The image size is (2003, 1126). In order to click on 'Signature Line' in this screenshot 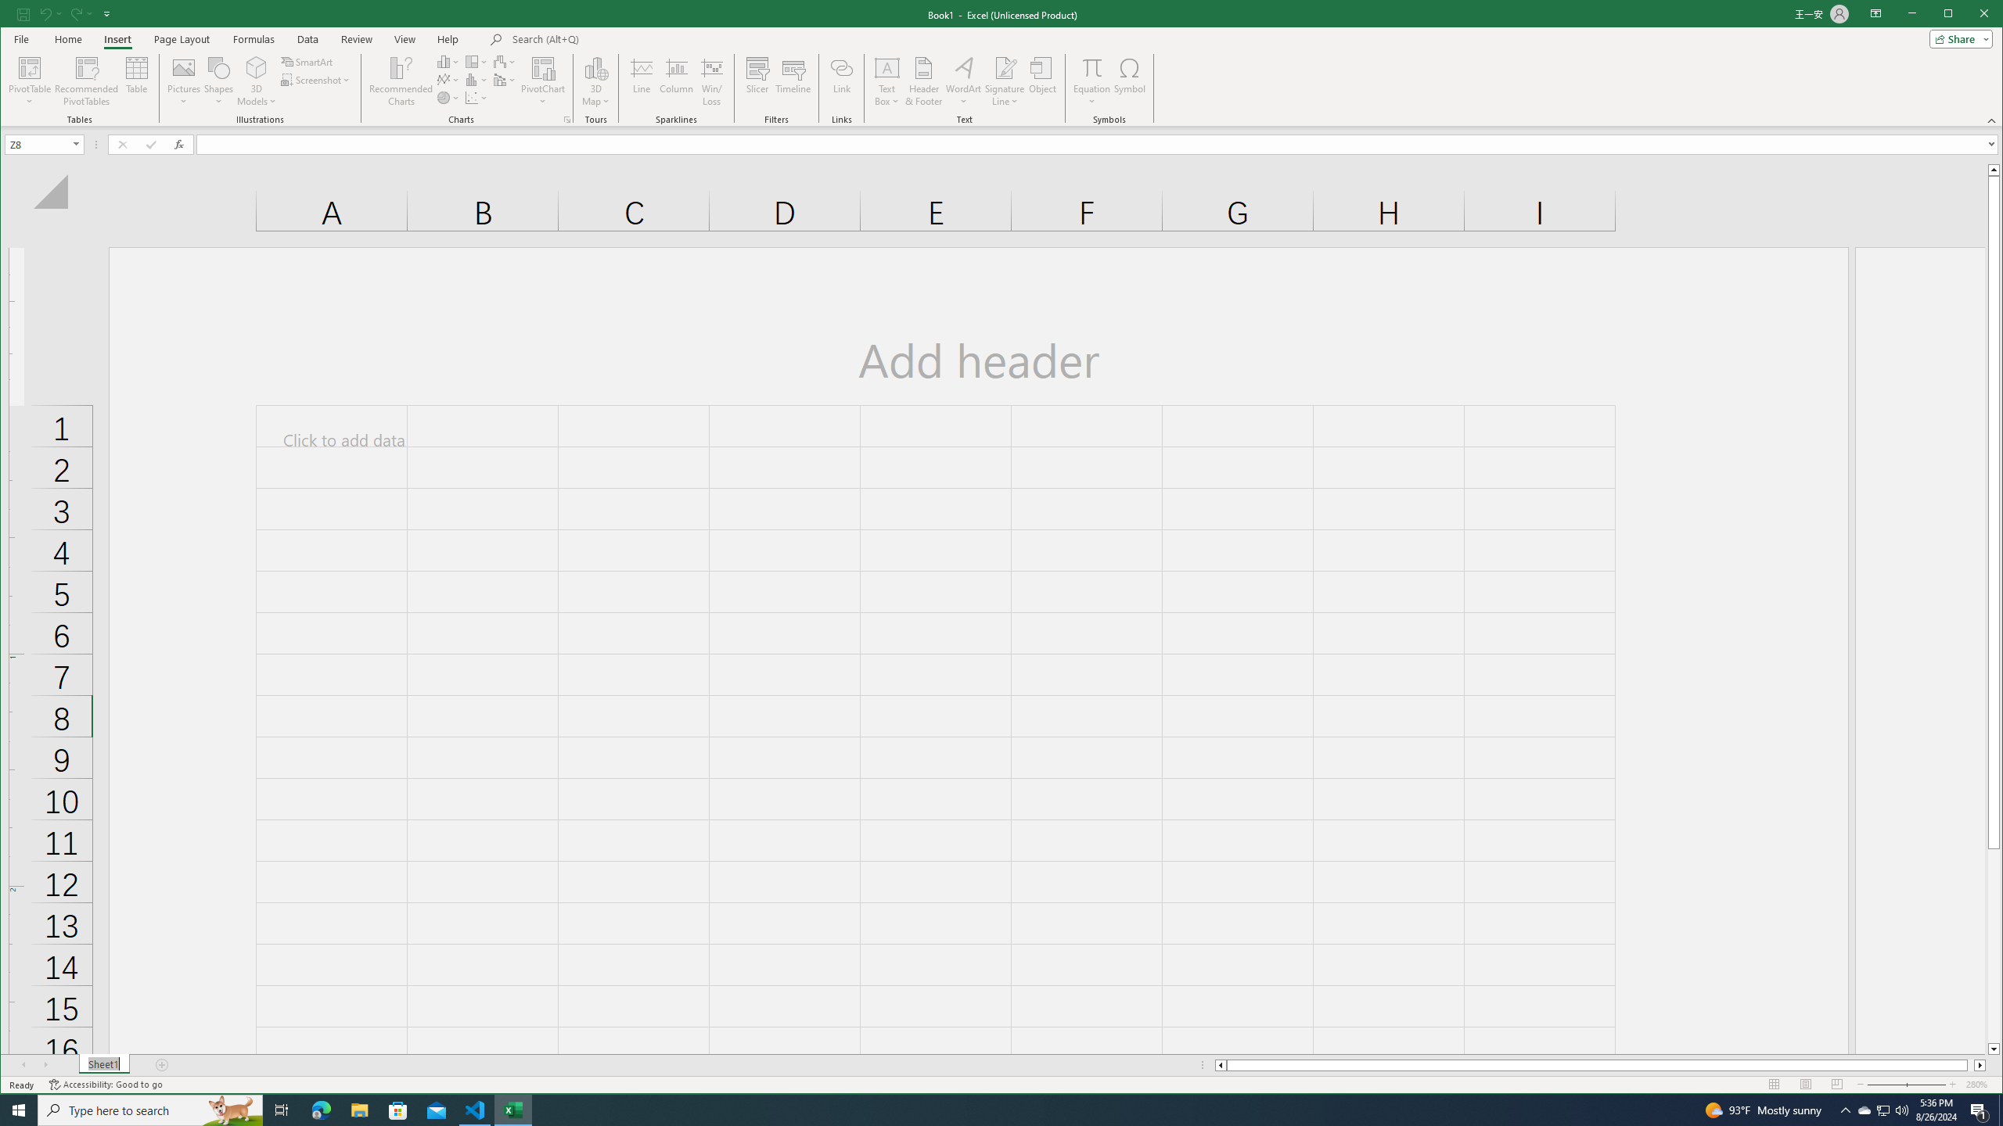, I will do `click(1004, 66)`.